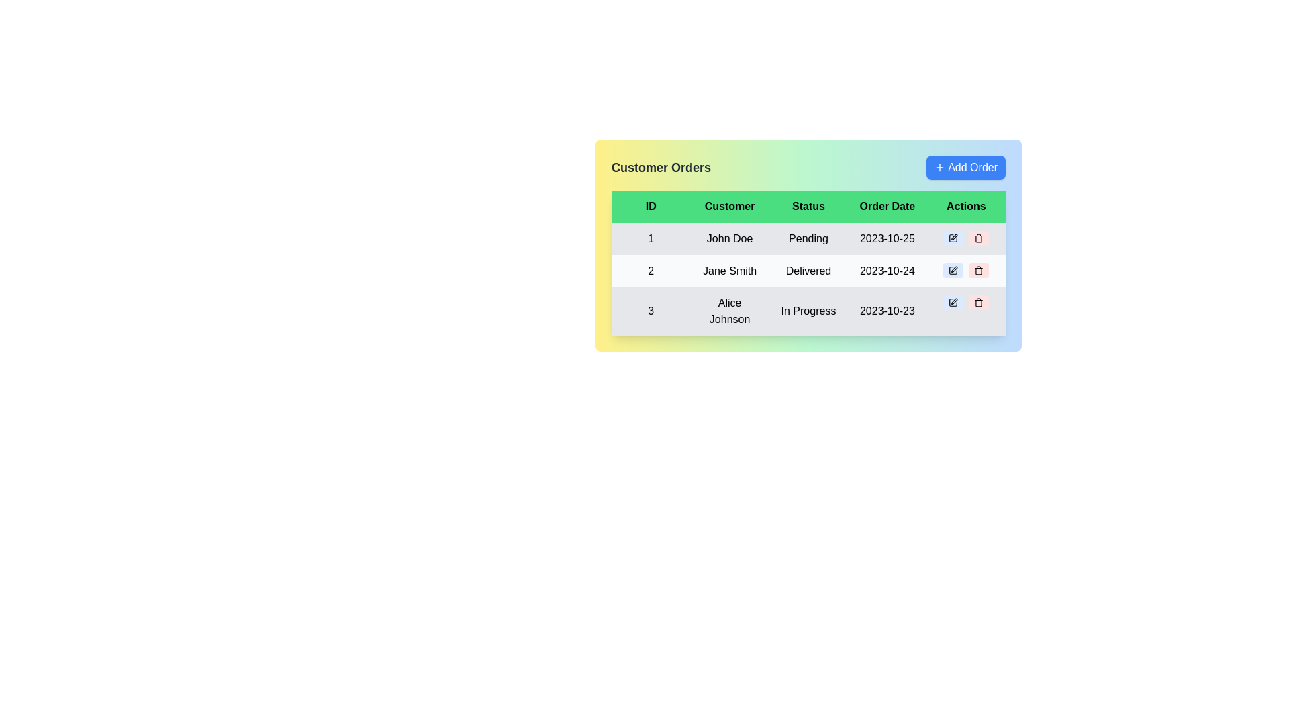  What do you see at coordinates (953, 303) in the screenshot?
I see `the edit icon represented as a pen within the blue button component in the 'Actions' column of the third row (Order ID 3)` at bounding box center [953, 303].